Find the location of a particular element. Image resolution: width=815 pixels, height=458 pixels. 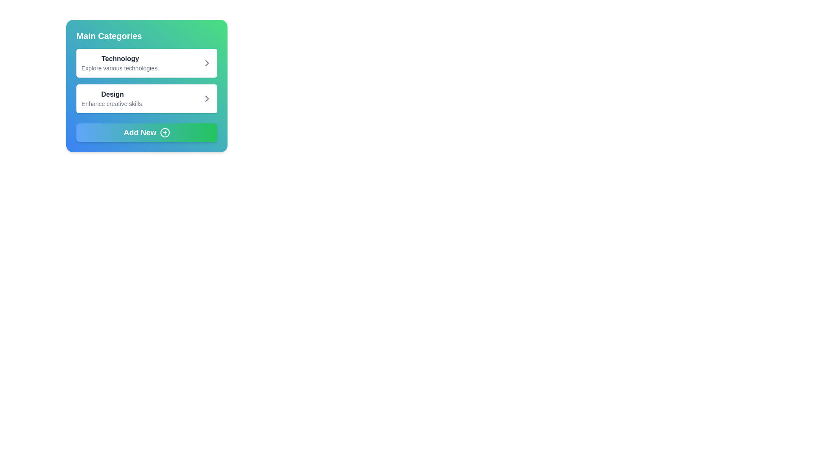

the first listed text-based menu item in the 'Main Categories' section is located at coordinates (120, 63).